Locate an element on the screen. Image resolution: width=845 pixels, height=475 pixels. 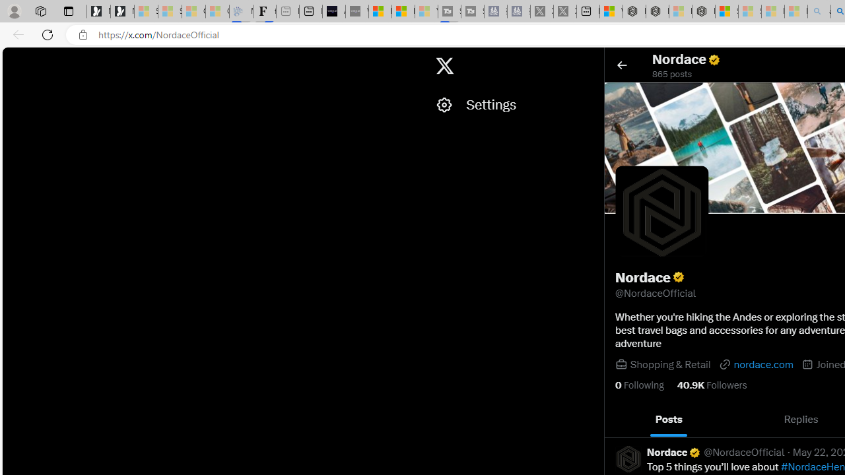
'Square profile picture' is located at coordinates (627, 458).